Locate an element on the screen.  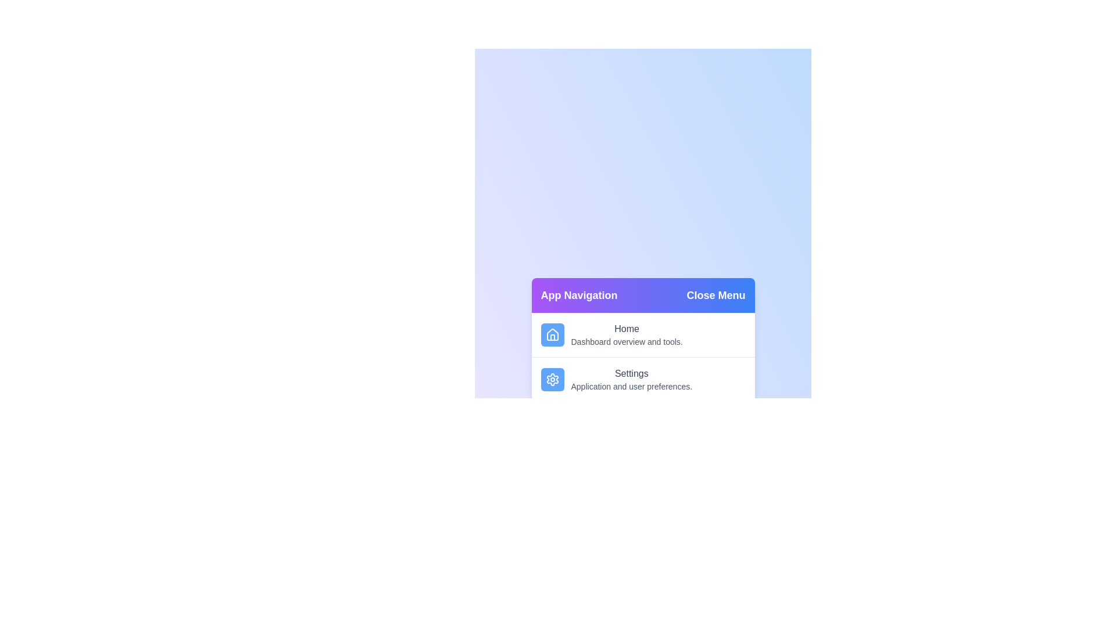
the menu item labeled 'Home' to observe its hover effect is located at coordinates (642, 335).